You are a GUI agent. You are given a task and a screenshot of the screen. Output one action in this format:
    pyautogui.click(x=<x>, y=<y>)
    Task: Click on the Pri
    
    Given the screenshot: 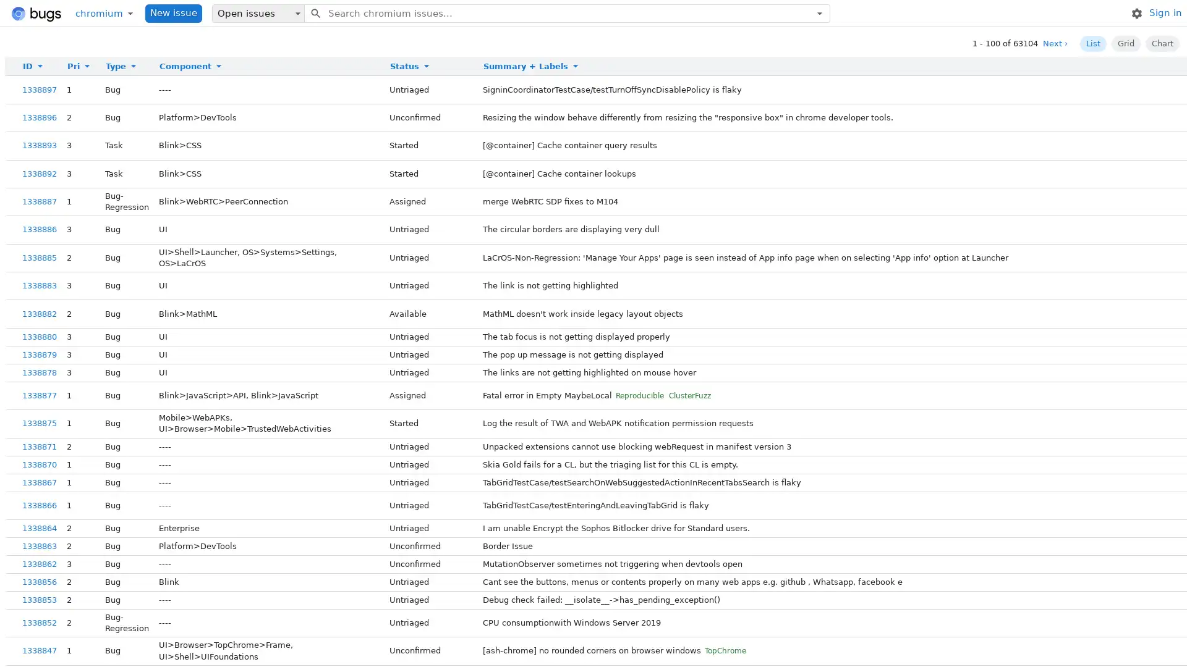 What is the action you would take?
    pyautogui.click(x=80, y=66)
    